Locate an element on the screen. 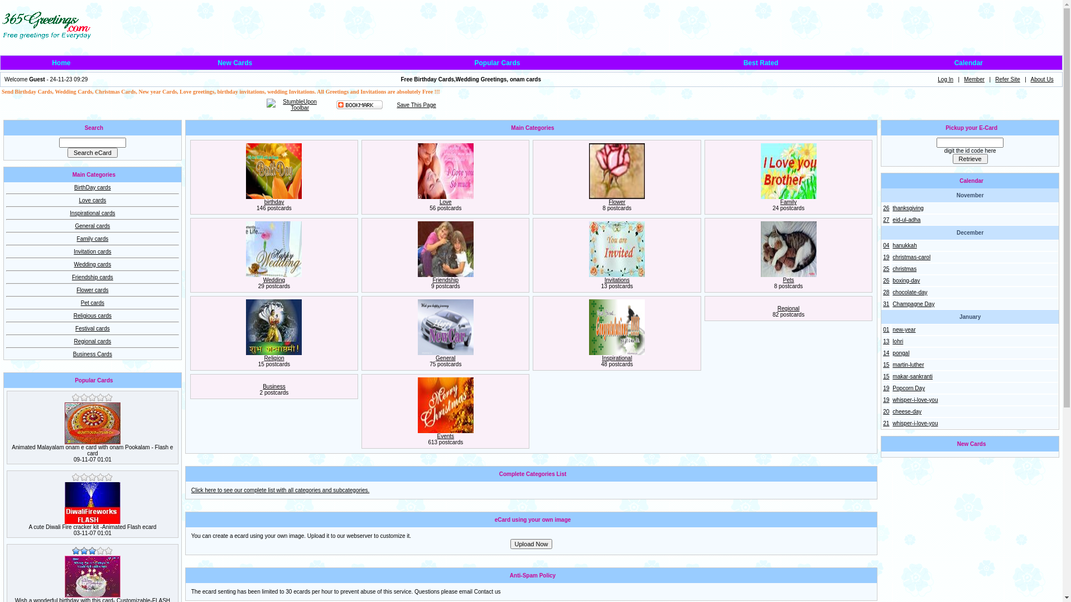 The image size is (1071, 602). 'Log In' is located at coordinates (944, 79).